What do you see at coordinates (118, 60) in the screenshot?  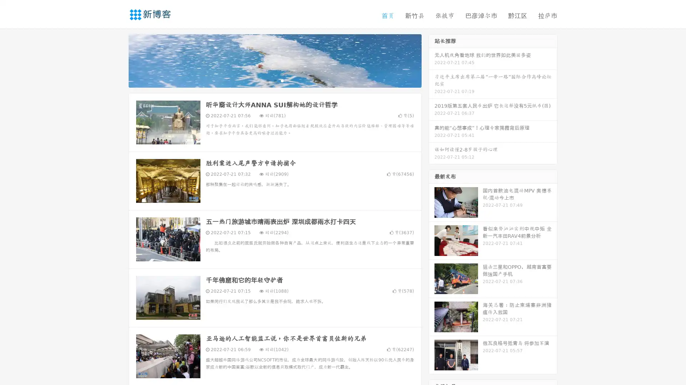 I see `Previous slide` at bounding box center [118, 60].